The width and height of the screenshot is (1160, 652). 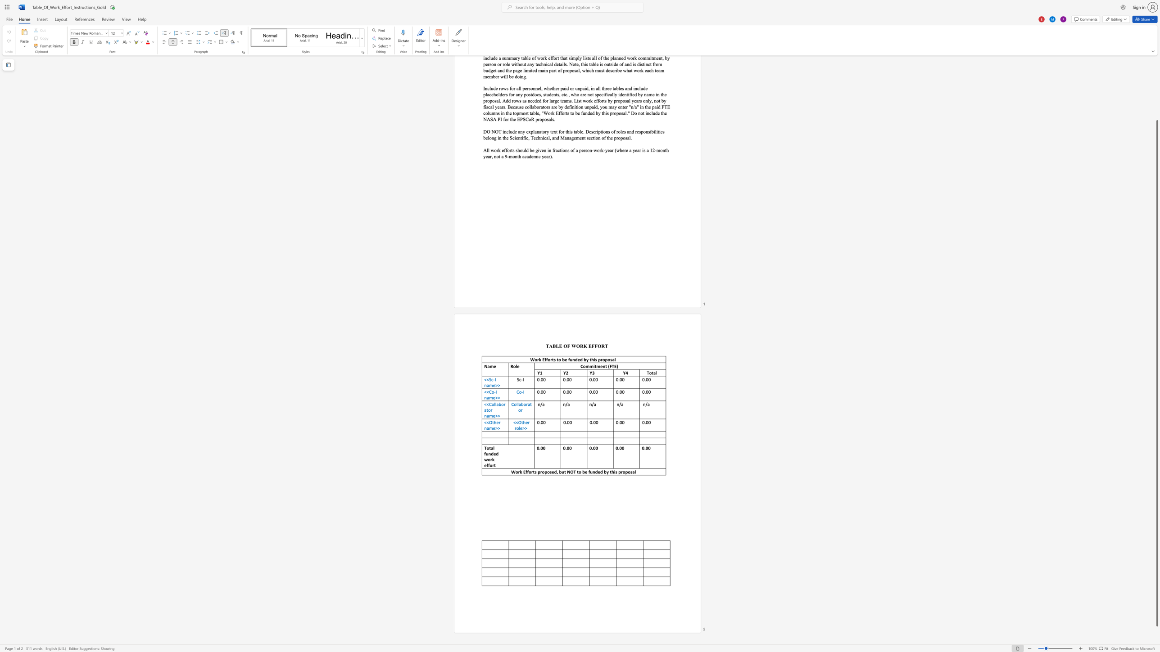 I want to click on the scrollbar on the side, so click(x=1156, y=112).